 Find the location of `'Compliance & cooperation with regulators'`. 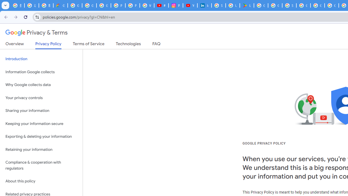

'Compliance & cooperation with regulators' is located at coordinates (41, 165).